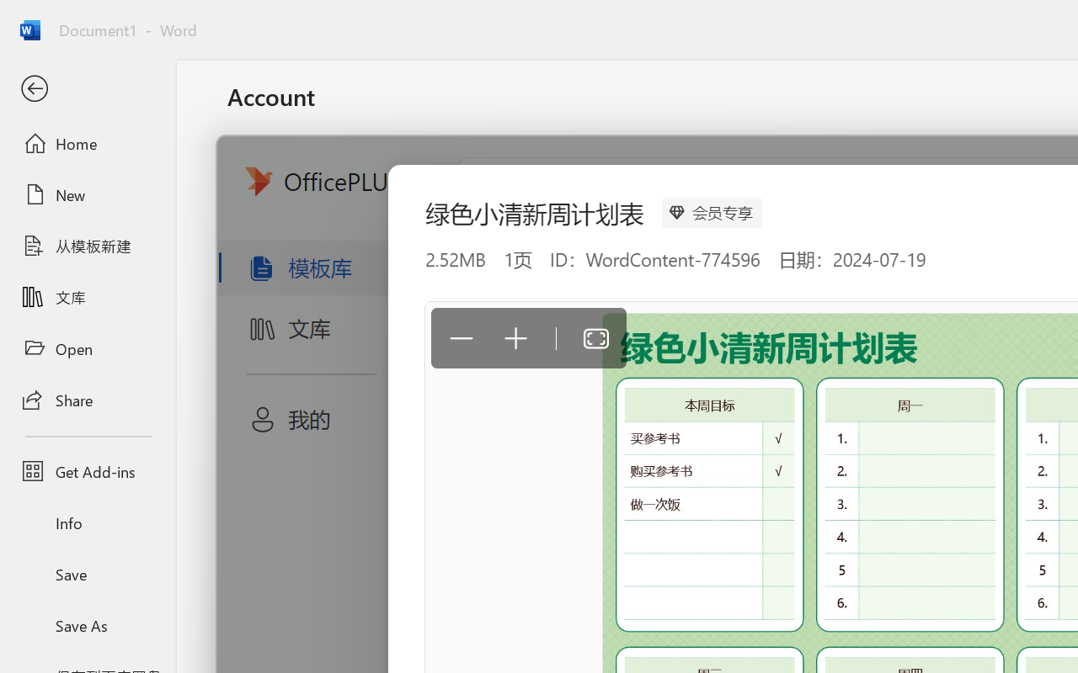 This screenshot has width=1078, height=673. Describe the element at coordinates (87, 194) in the screenshot. I see `'New'` at that location.